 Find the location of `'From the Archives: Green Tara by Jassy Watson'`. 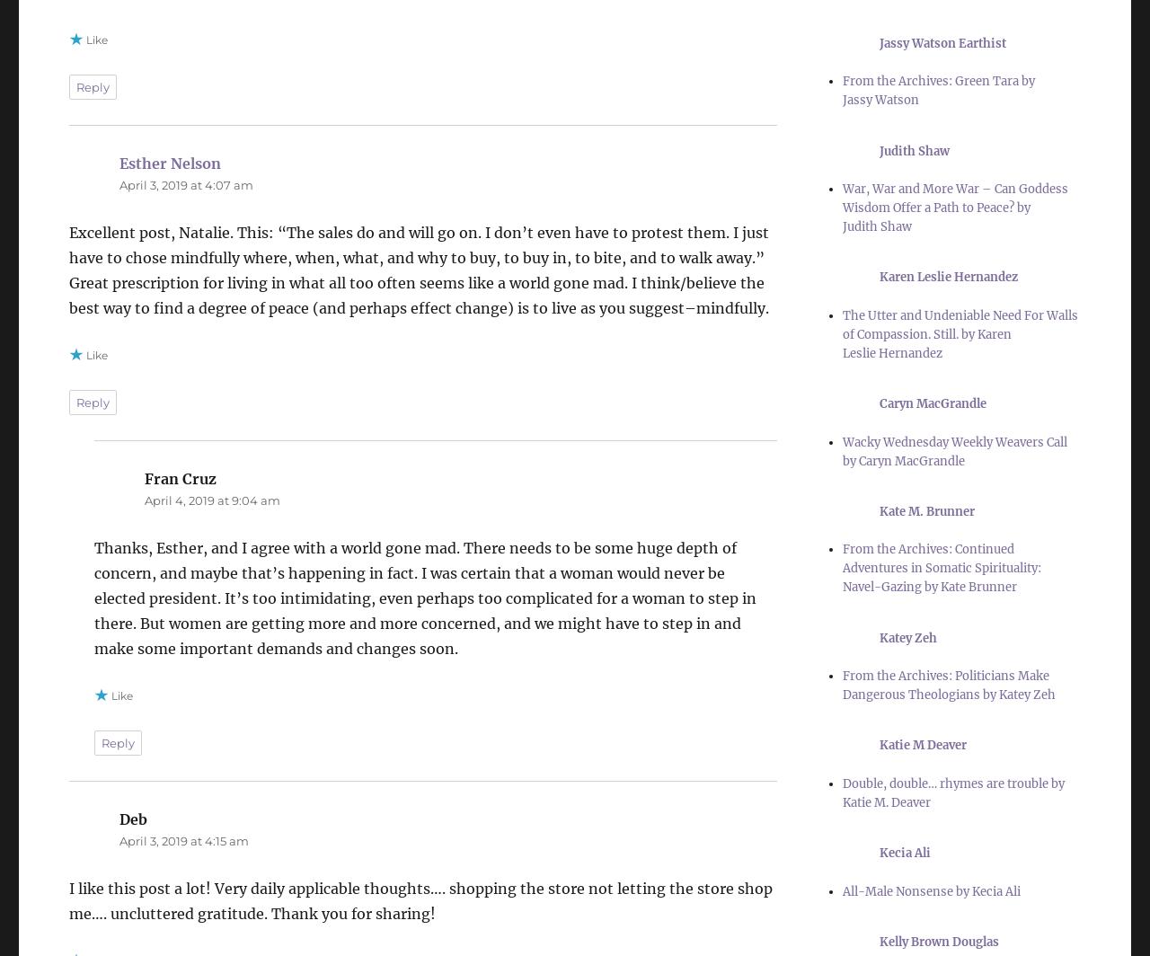

'From the Archives: Green Tara by Jassy Watson' is located at coordinates (936, 90).